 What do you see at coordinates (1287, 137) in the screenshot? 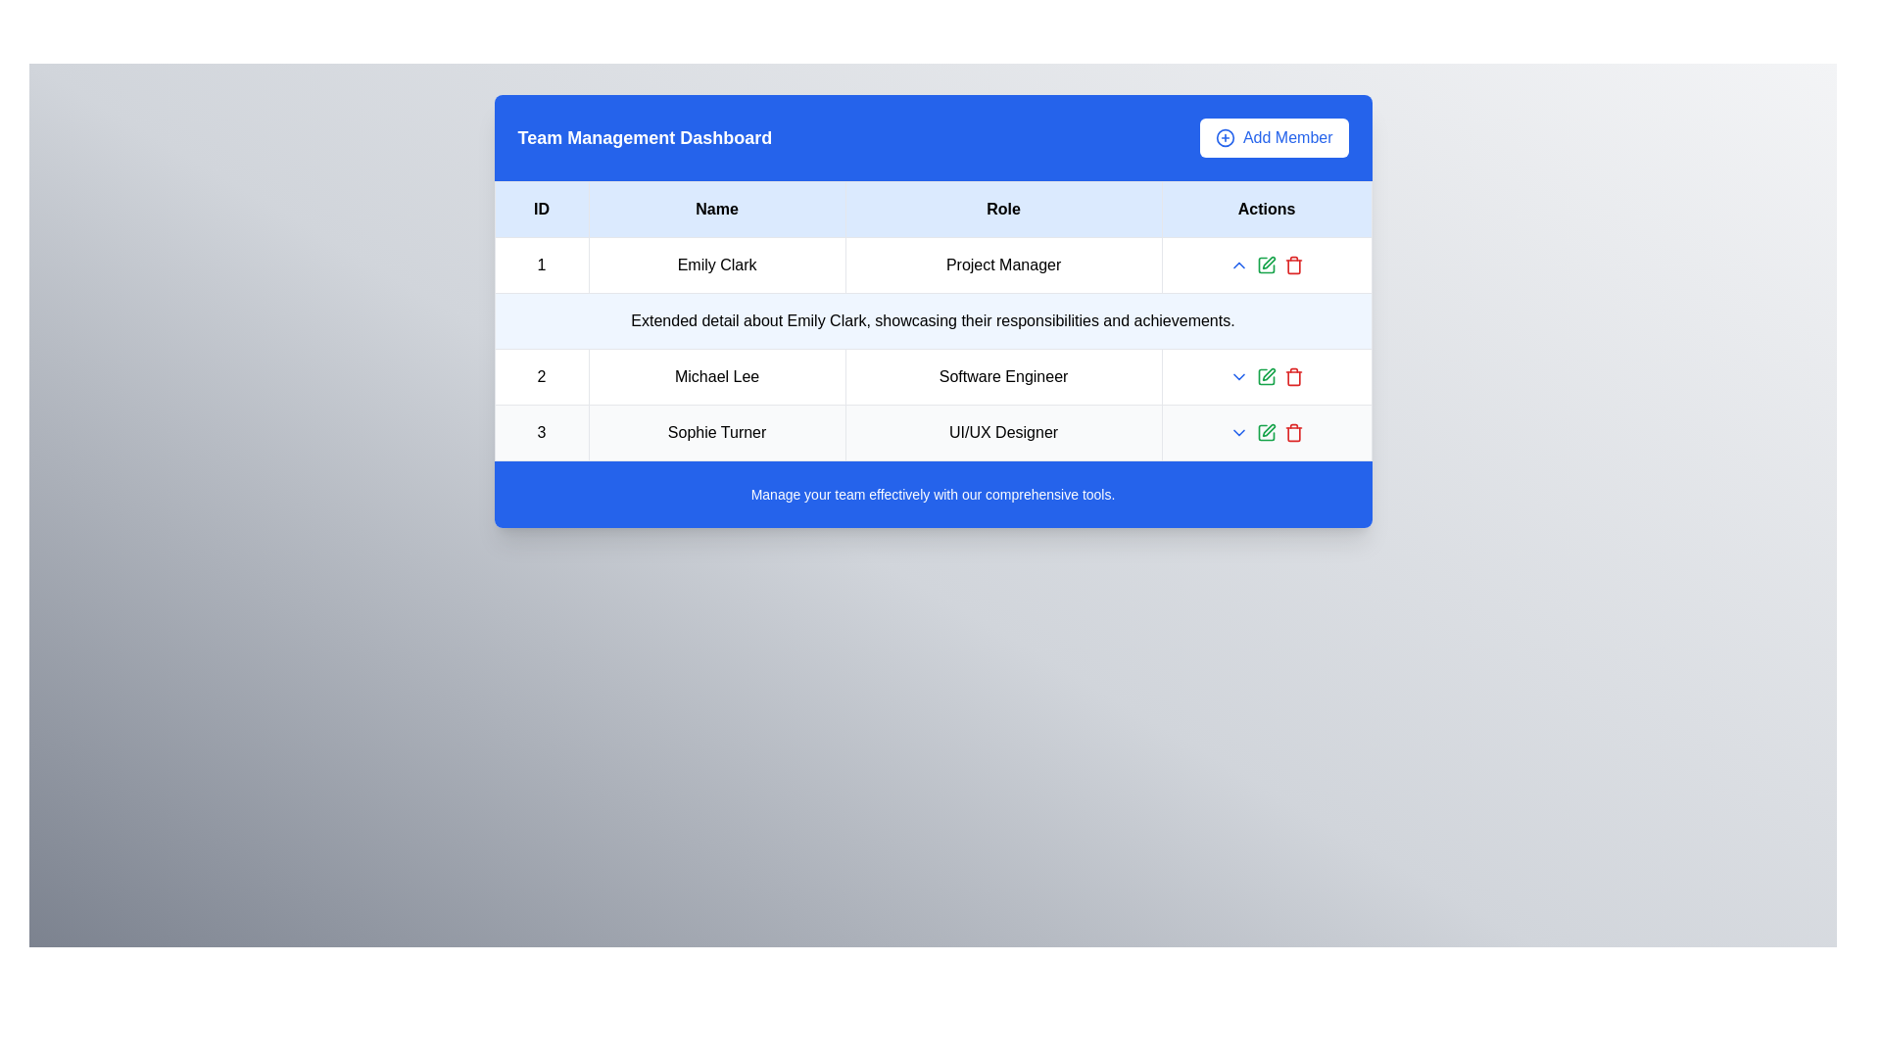
I see `the 'Add Member' text label within the button` at bounding box center [1287, 137].